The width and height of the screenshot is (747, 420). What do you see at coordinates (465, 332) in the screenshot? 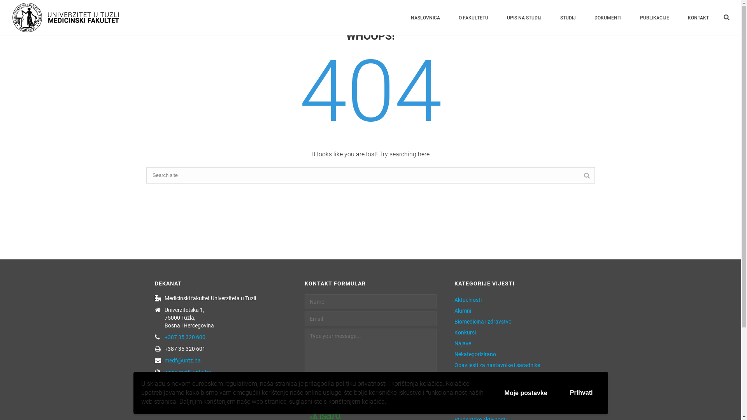
I see `'Konkursi'` at bounding box center [465, 332].